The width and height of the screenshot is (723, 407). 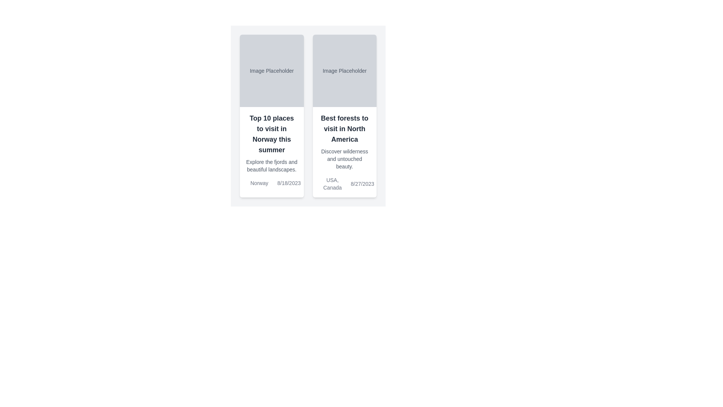 What do you see at coordinates (344, 184) in the screenshot?
I see `the label providing details about the location and date, located at the bottom section of the card titled 'Best forests to visit in North America'` at bounding box center [344, 184].